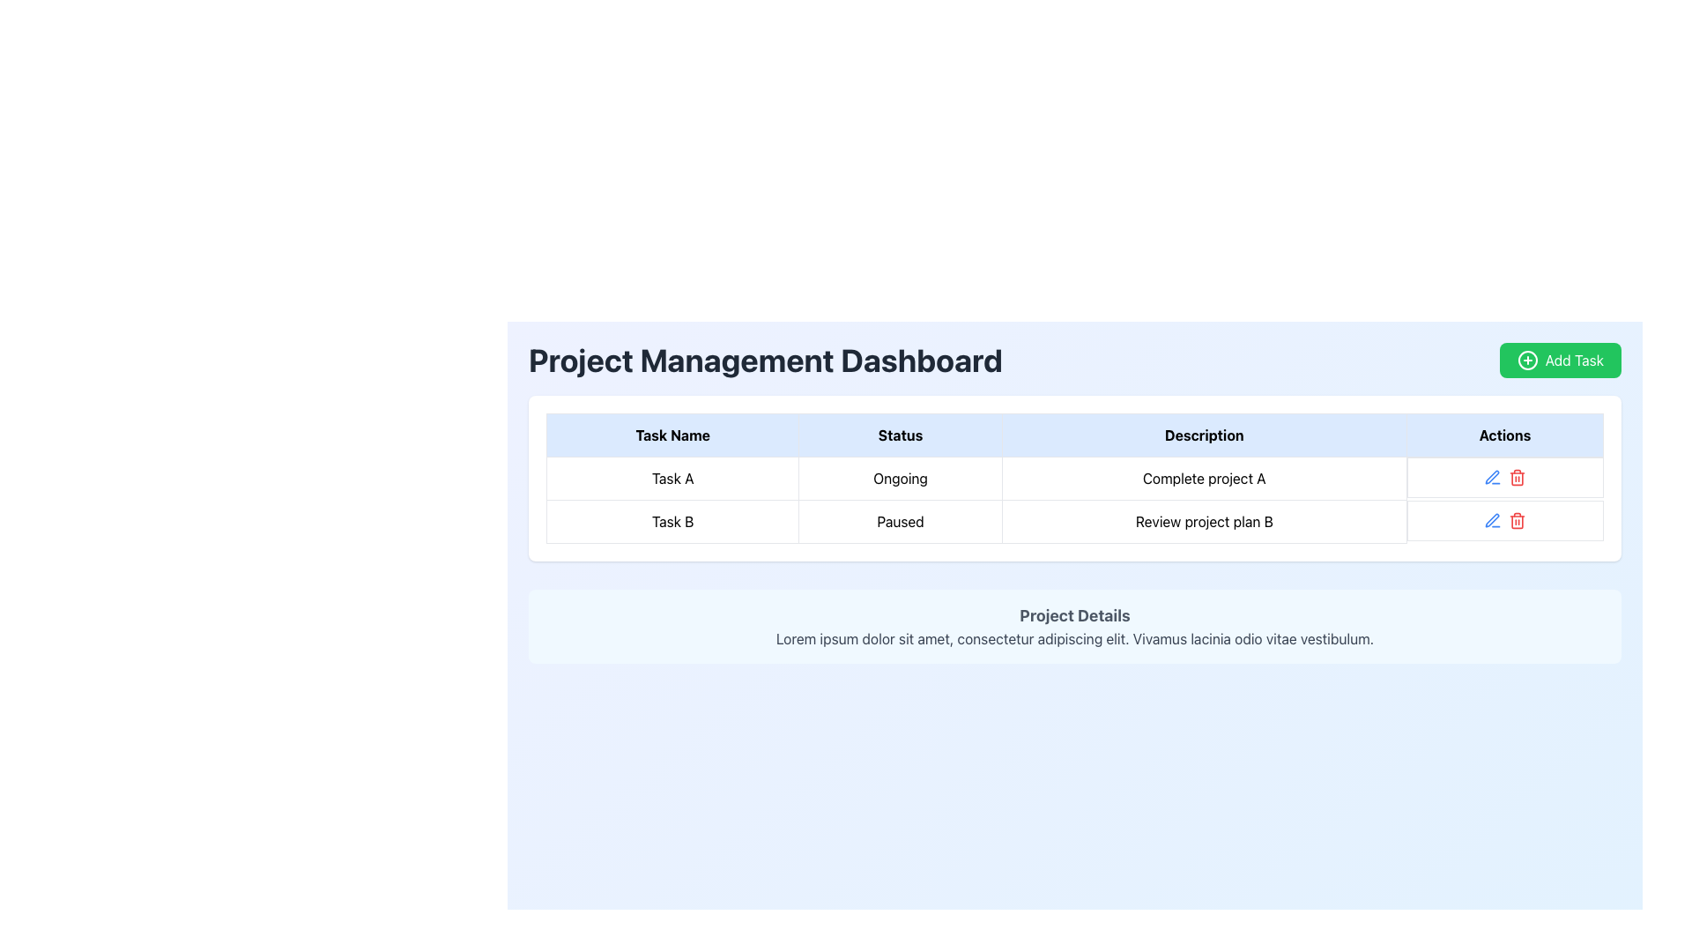  What do you see at coordinates (1517, 521) in the screenshot?
I see `the trash bin icon in the 'Actions' column of the 'Task B' entry in the dashboard application` at bounding box center [1517, 521].